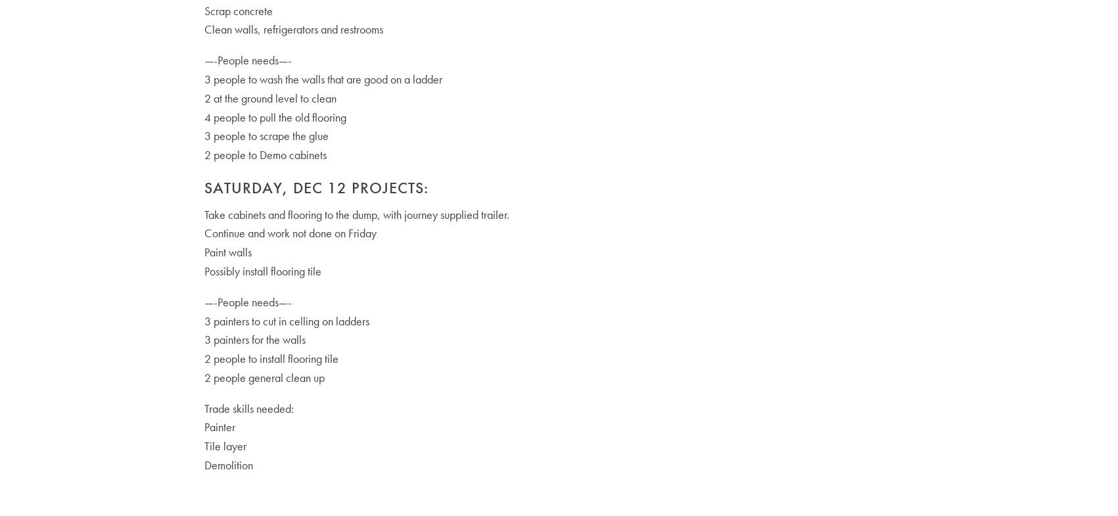  I want to click on '3 people to wash the walls that are good on a ladder', so click(323, 78).